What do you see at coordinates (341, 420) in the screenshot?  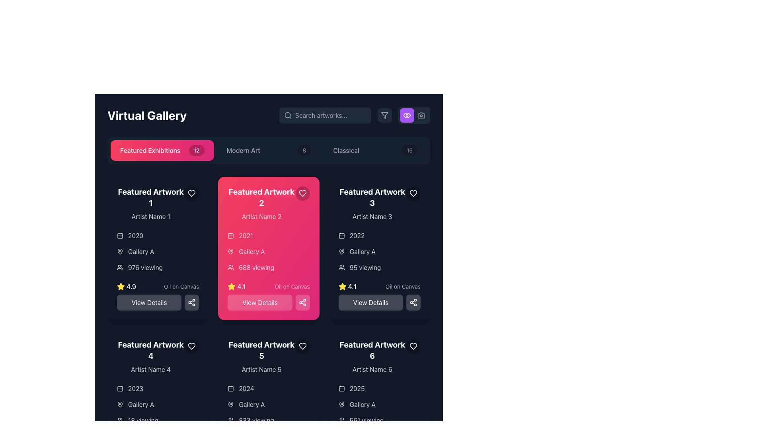 I see `the viewer icon located to the left of the '561 viewing' text for 'Featured Artwork 6', indicating the number of viewers. This icon should be clicked if it is interactive in another context` at bounding box center [341, 420].